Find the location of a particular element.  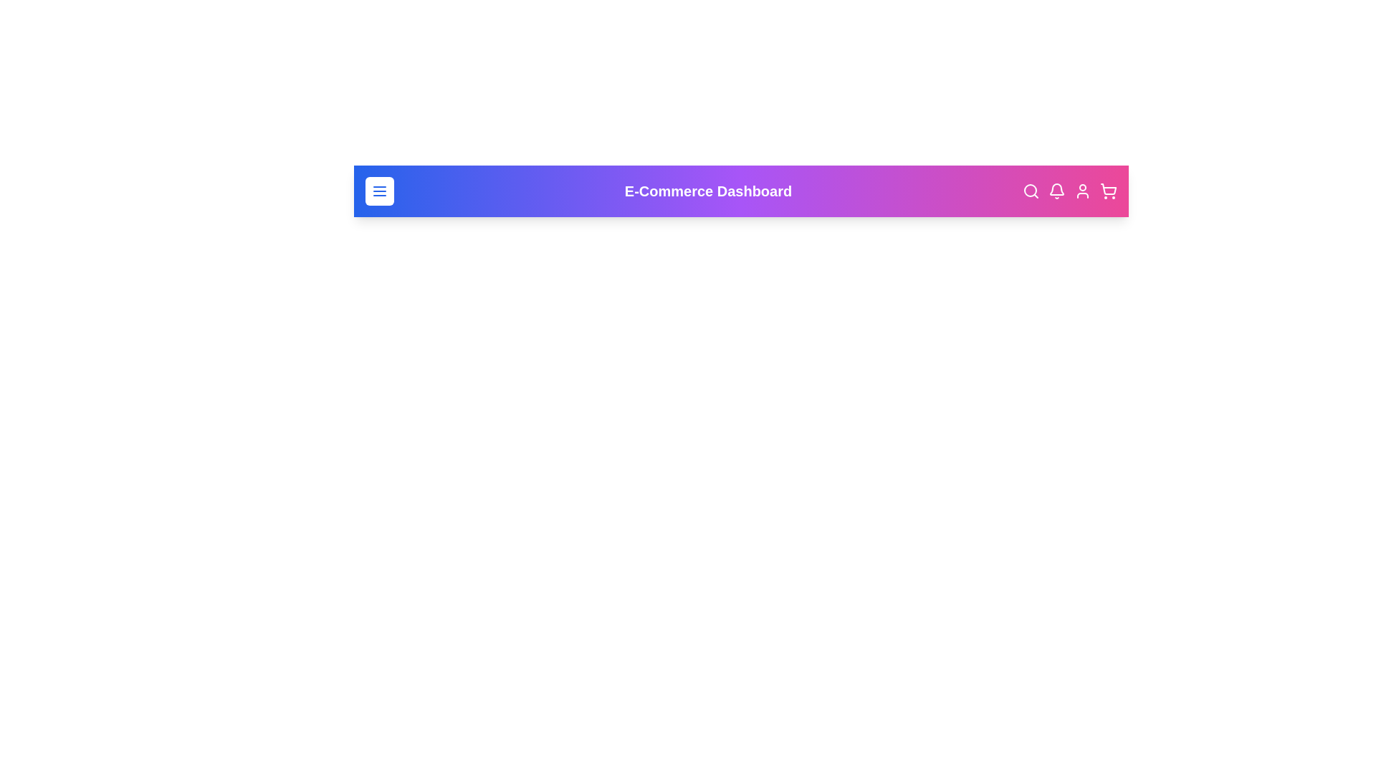

the notification icon to view notifications is located at coordinates (1056, 190).